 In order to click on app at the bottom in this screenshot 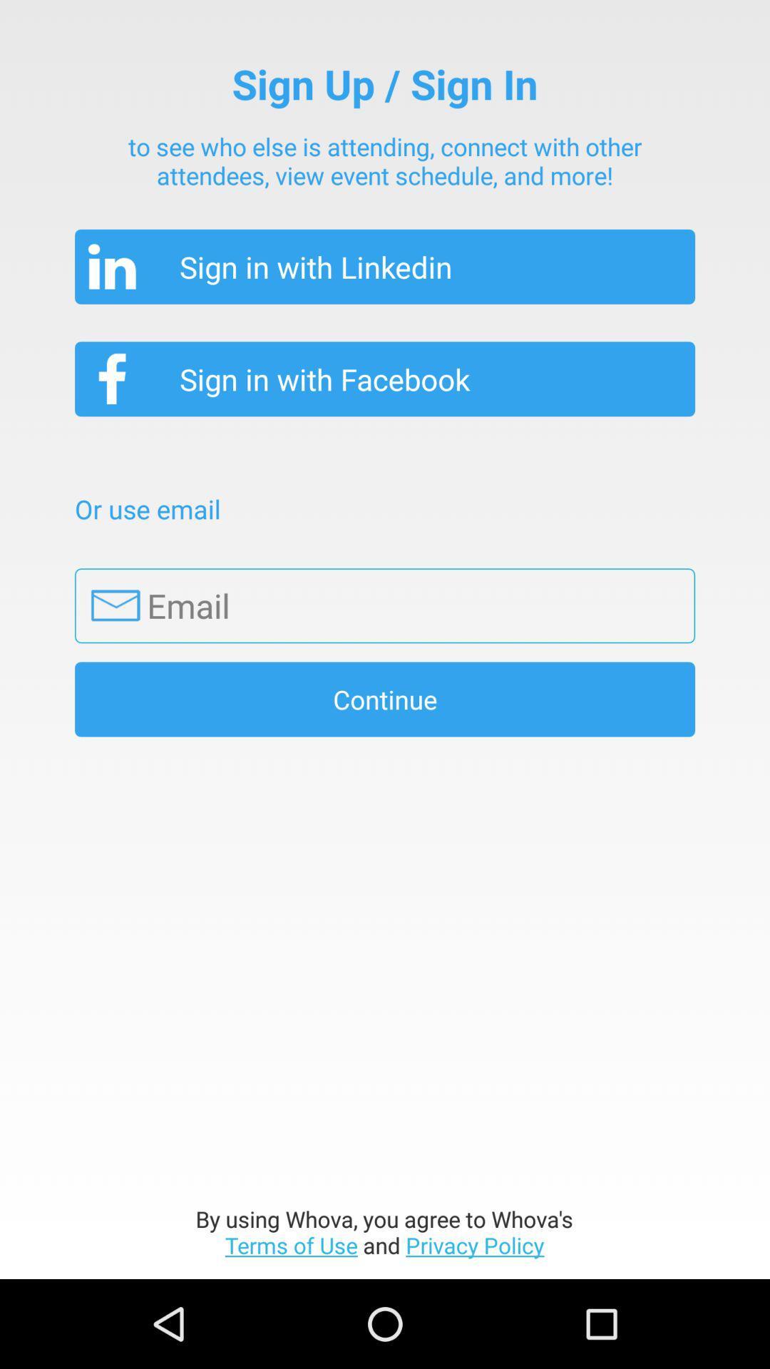, I will do `click(384, 1231)`.